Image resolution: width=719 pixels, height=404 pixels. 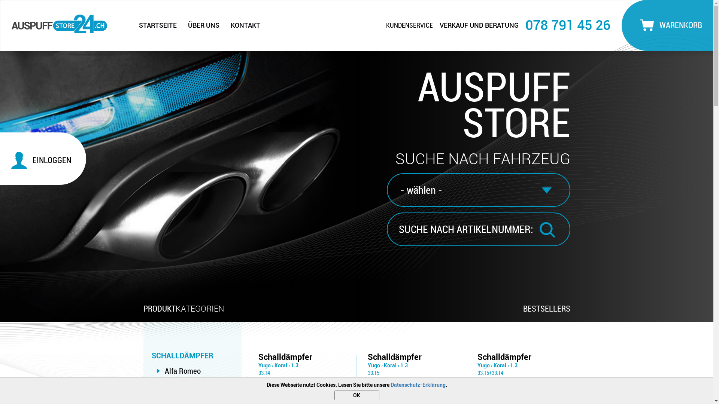 I want to click on '078 791 45 26', so click(x=525, y=24).